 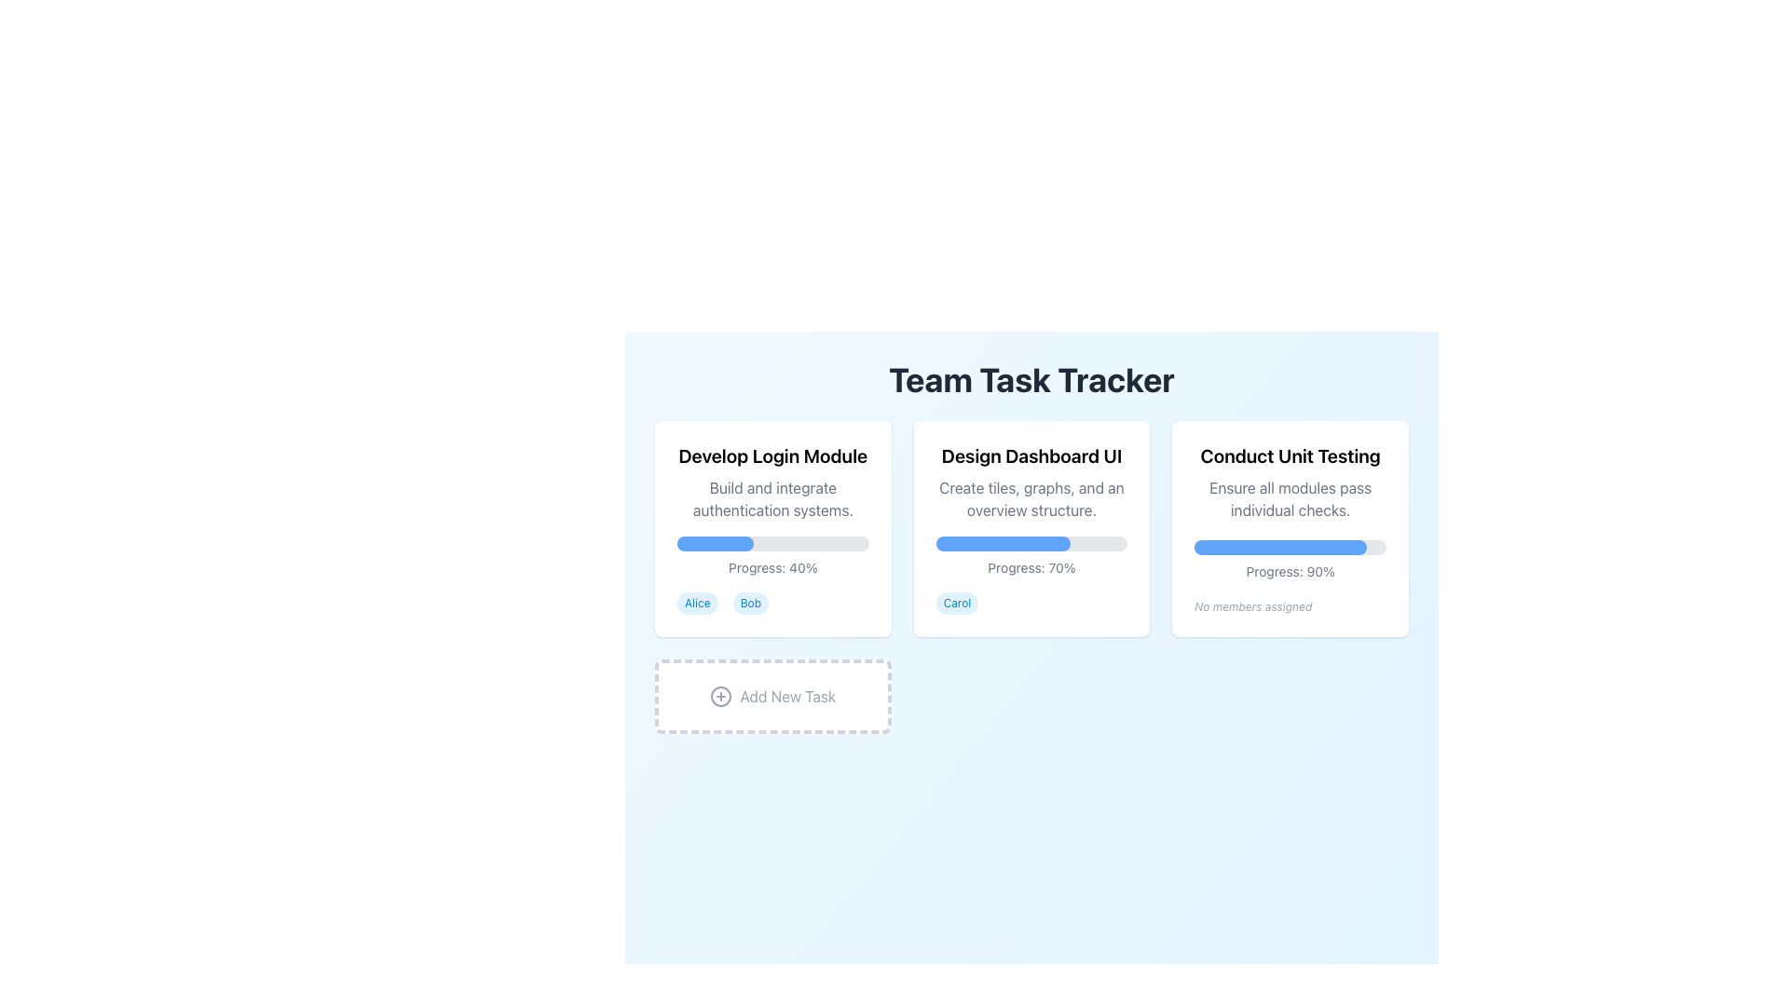 What do you see at coordinates (720, 697) in the screenshot?
I see `the 'Add New Task' button with an icon` at bounding box center [720, 697].